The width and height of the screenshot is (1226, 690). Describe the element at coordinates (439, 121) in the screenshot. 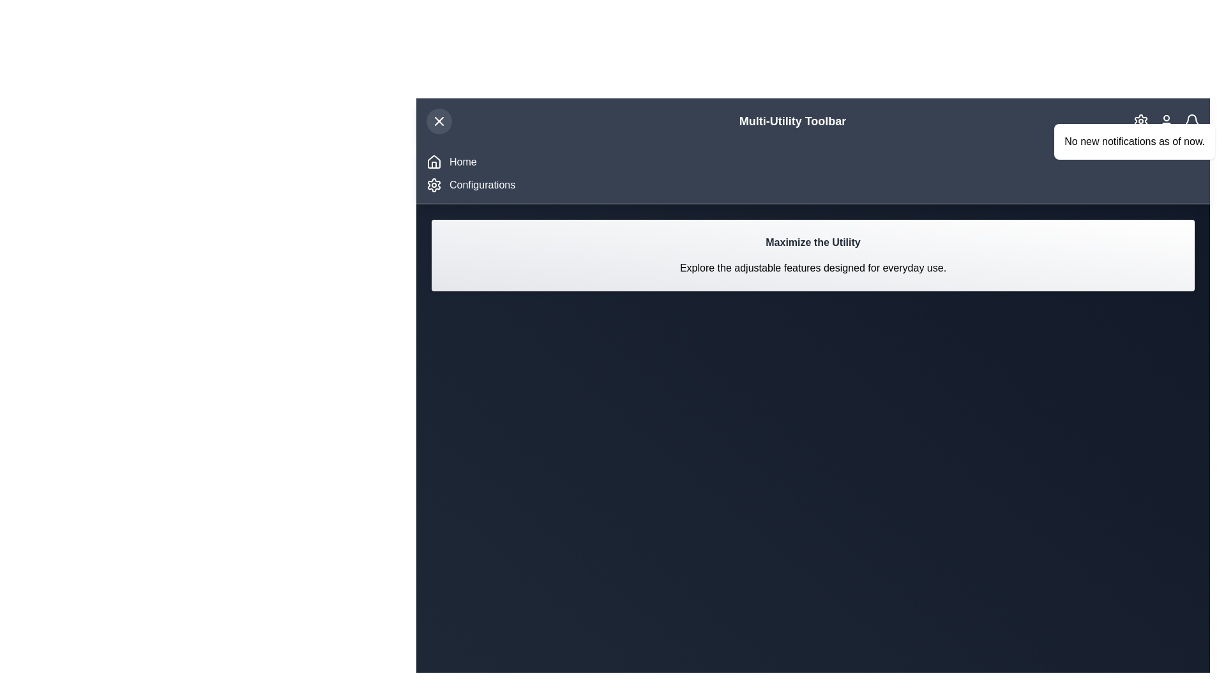

I see `the menu_button to observe visual feedback` at that location.